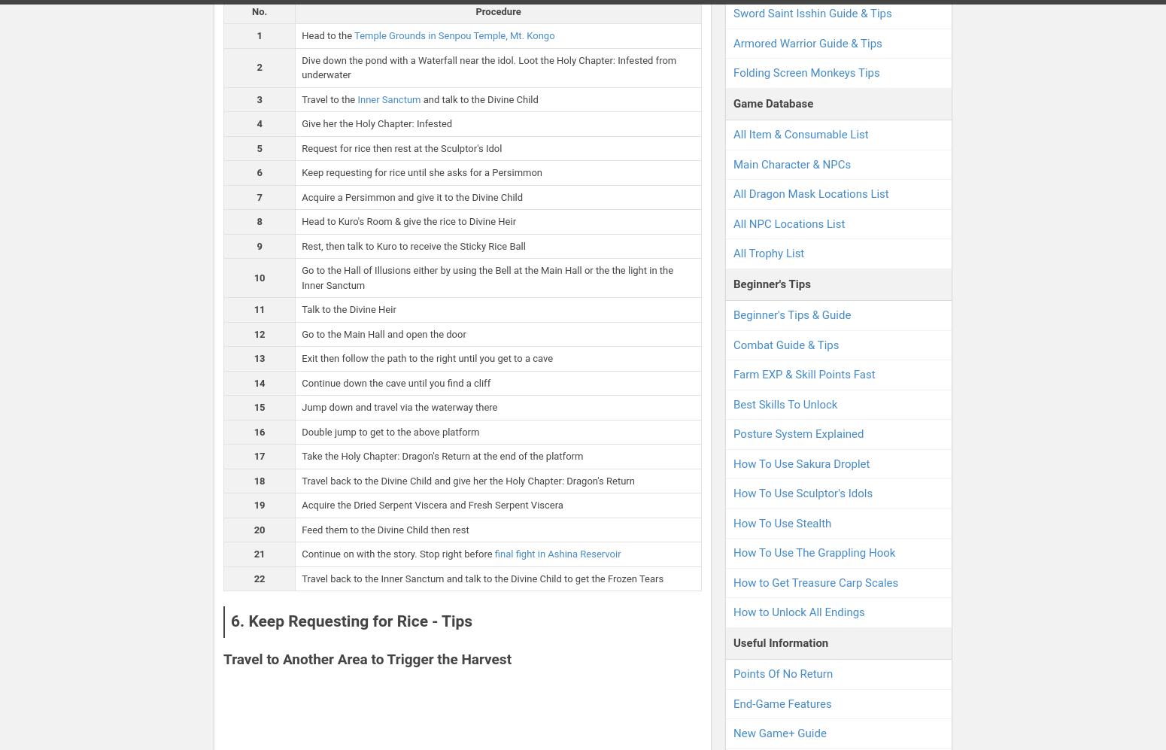 Image resolution: width=1166 pixels, height=750 pixels. What do you see at coordinates (804, 375) in the screenshot?
I see `'Farm EXP & Skill Points Fast'` at bounding box center [804, 375].